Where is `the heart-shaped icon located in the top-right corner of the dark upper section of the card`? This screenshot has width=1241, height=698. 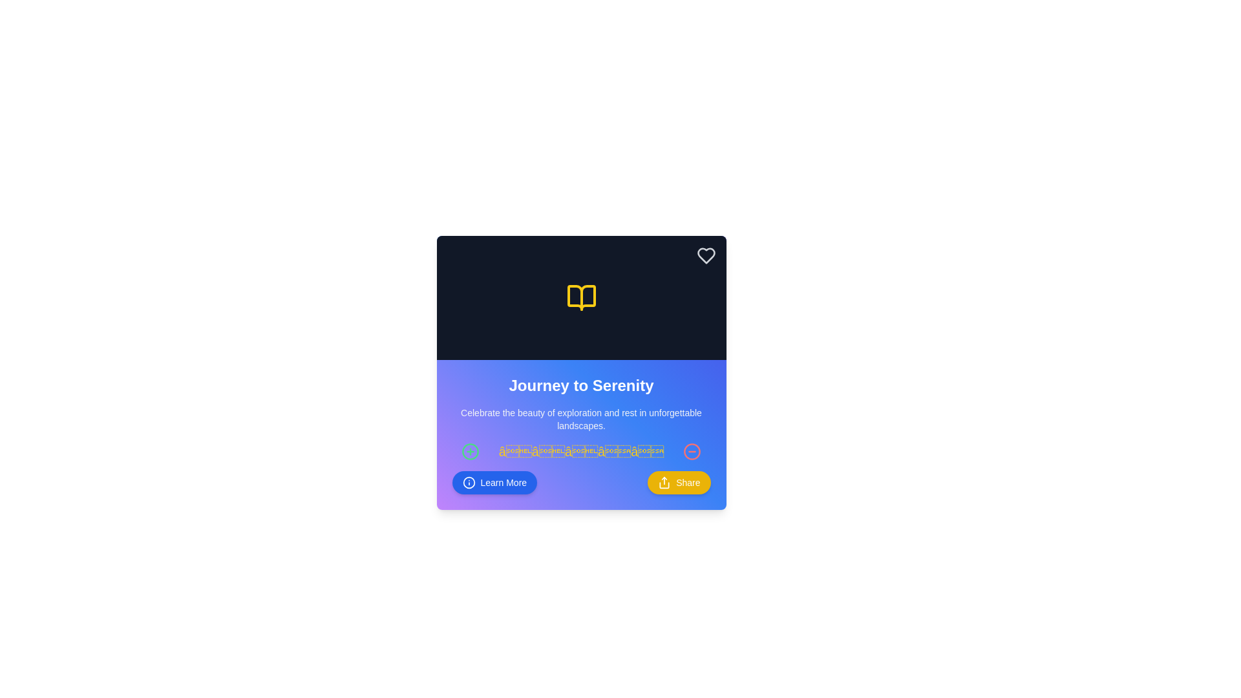 the heart-shaped icon located in the top-right corner of the dark upper section of the card is located at coordinates (705, 256).